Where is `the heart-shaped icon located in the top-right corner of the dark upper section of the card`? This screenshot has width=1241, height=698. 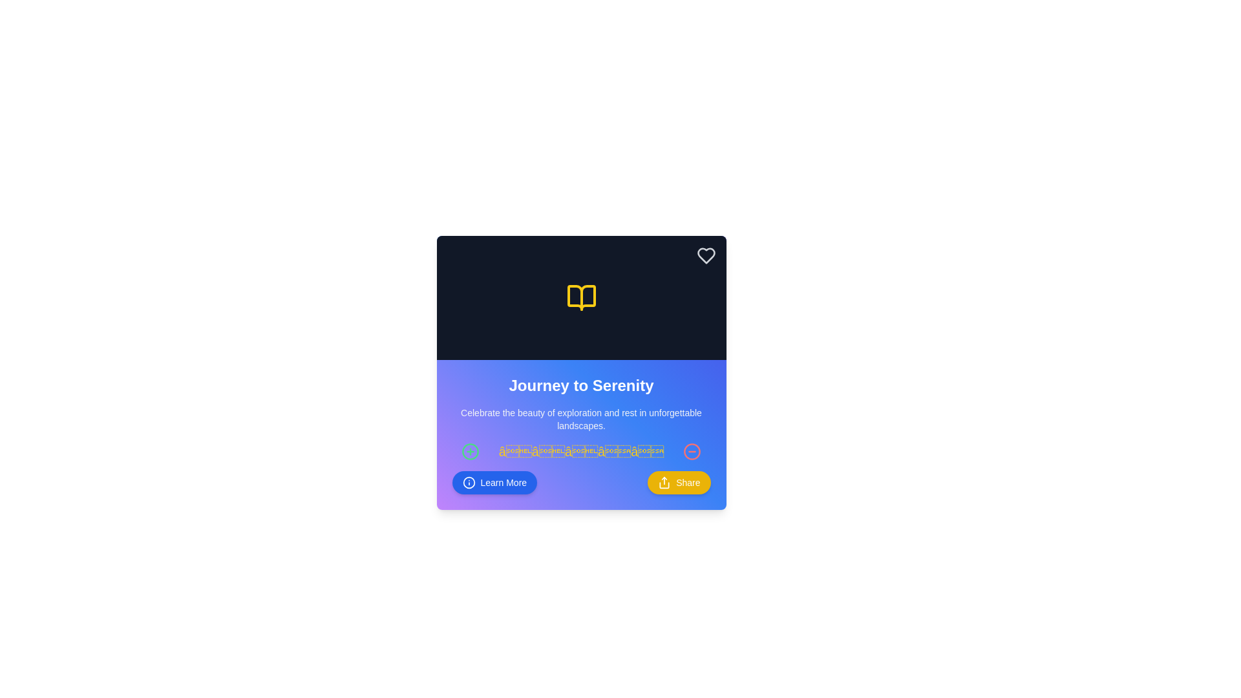 the heart-shaped icon located in the top-right corner of the dark upper section of the card is located at coordinates (705, 256).